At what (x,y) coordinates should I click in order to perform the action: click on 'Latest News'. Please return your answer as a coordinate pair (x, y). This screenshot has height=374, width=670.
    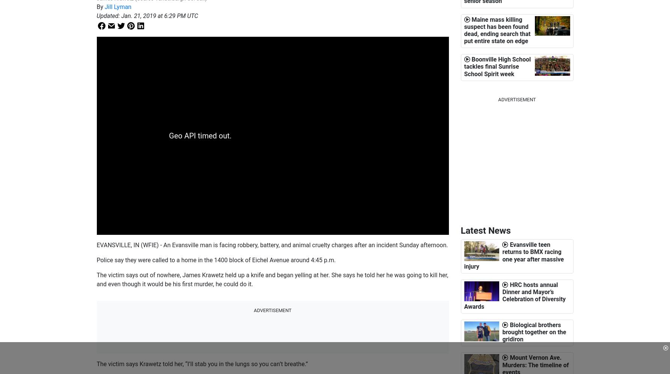
    Looking at the image, I should click on (460, 230).